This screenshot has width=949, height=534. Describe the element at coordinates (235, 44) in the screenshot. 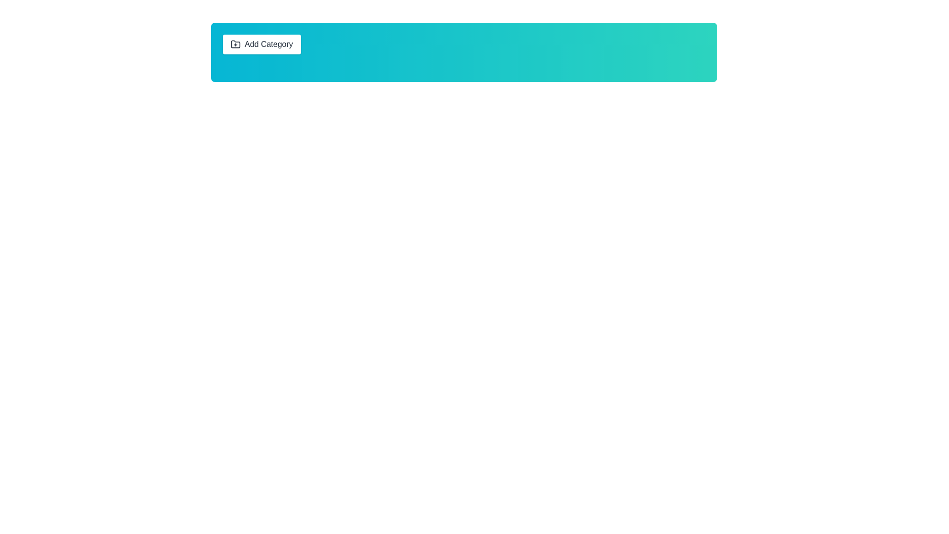

I see `the 'Add Category' icon, which is the first sub-element within the button labeled 'Add Category' and is positioned to the far left of the button's text` at that location.